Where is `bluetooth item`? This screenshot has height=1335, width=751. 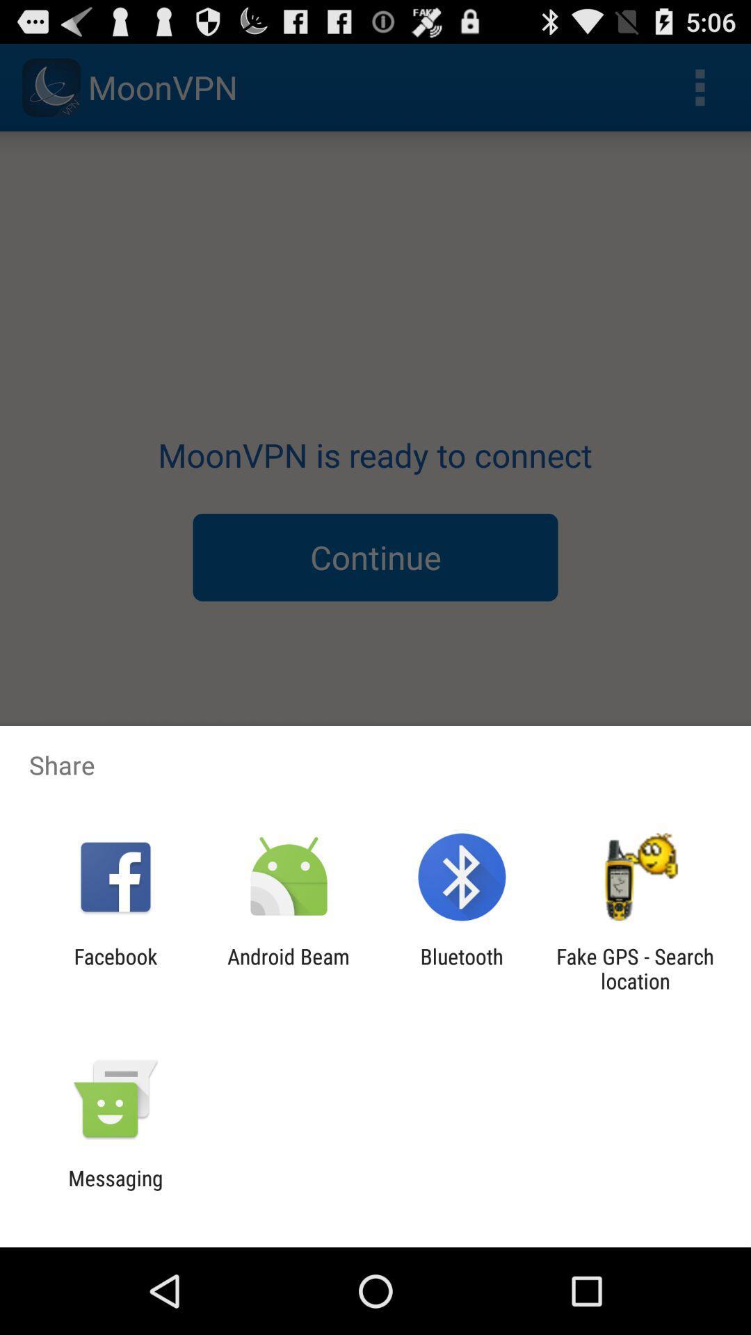 bluetooth item is located at coordinates (462, 968).